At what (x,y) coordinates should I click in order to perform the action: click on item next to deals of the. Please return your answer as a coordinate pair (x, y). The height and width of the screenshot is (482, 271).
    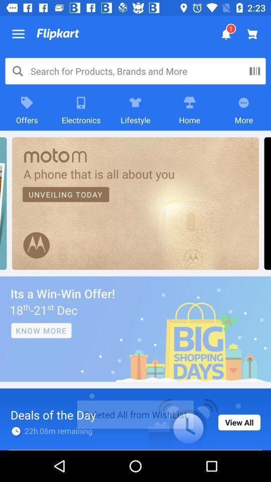
    Looking at the image, I should click on (238, 422).